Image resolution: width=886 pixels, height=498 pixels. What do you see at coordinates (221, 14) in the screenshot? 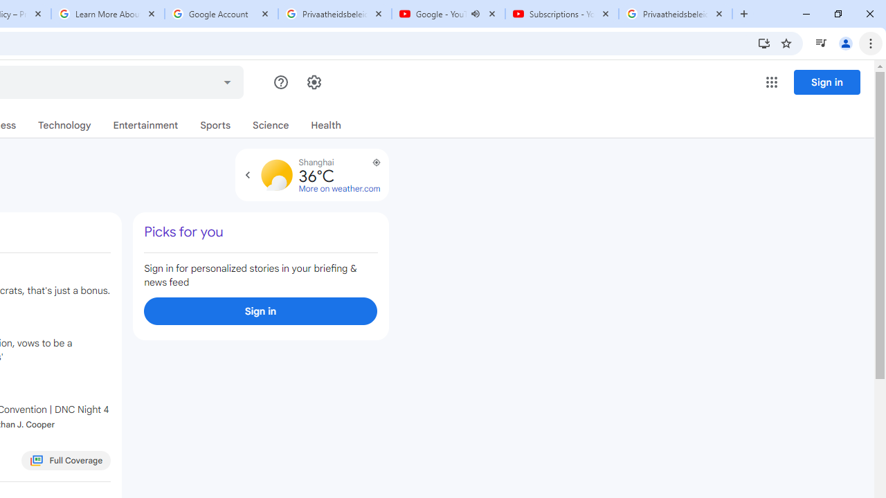
I see `'Google Account'` at bounding box center [221, 14].